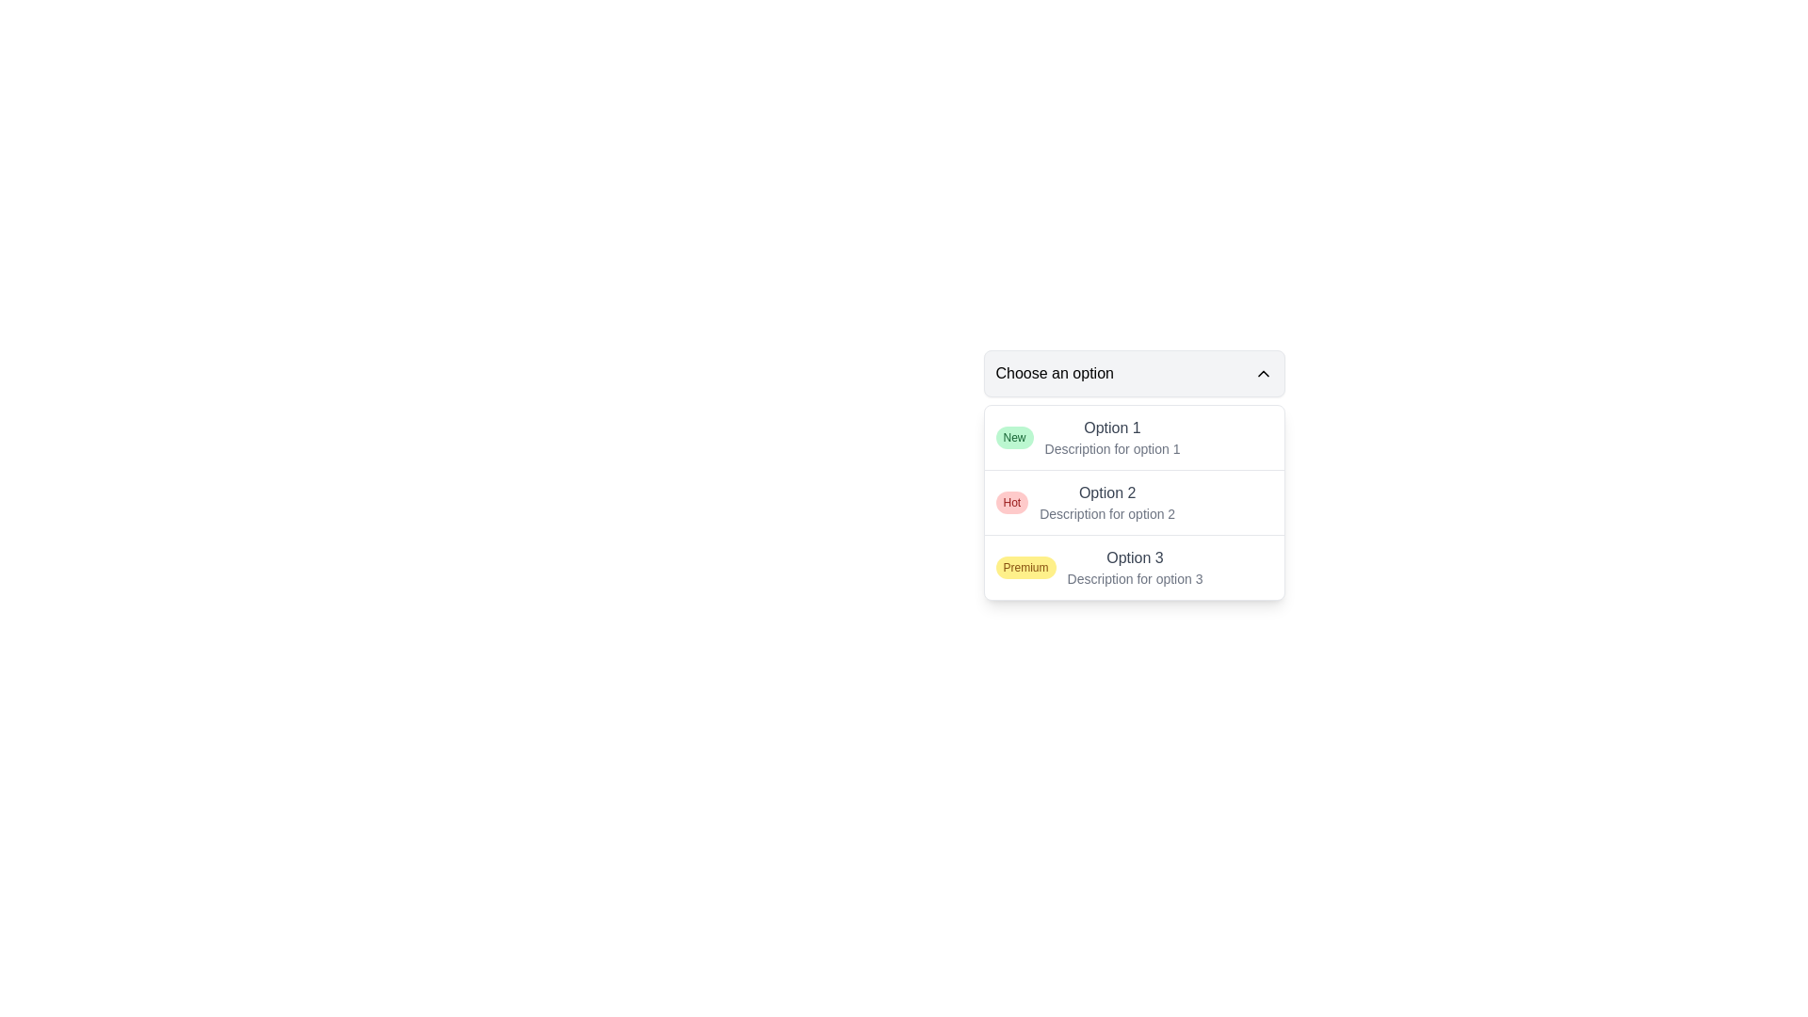 This screenshot has width=1808, height=1017. What do you see at coordinates (1025, 566) in the screenshot?
I see `the 'Premium' badge-style label within the 'Option 3' entry of the dropdown menu, which has a yellow background and bold text` at bounding box center [1025, 566].